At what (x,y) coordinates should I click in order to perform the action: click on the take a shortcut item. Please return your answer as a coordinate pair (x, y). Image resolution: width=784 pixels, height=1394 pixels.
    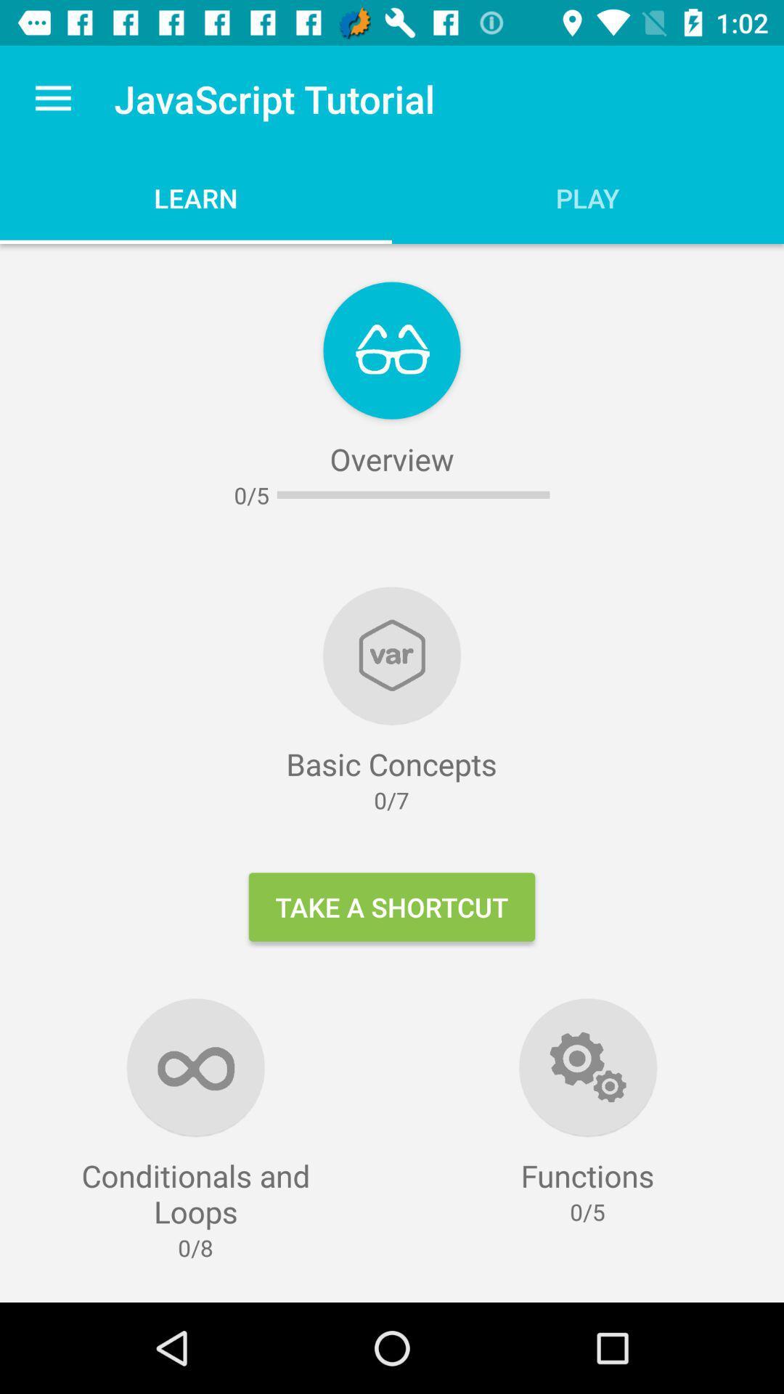
    Looking at the image, I should click on (392, 906).